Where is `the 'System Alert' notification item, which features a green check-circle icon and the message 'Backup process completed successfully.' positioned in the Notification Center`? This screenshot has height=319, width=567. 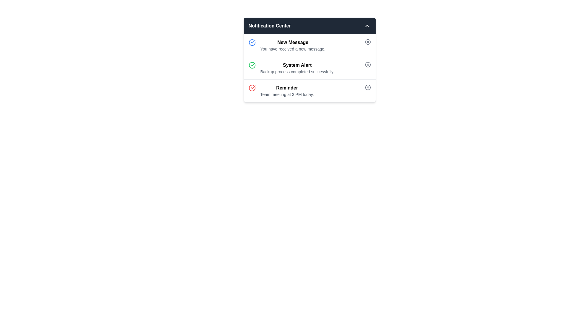 the 'System Alert' notification item, which features a green check-circle icon and the message 'Backup process completed successfully.' positioned in the Notification Center is located at coordinates (309, 68).